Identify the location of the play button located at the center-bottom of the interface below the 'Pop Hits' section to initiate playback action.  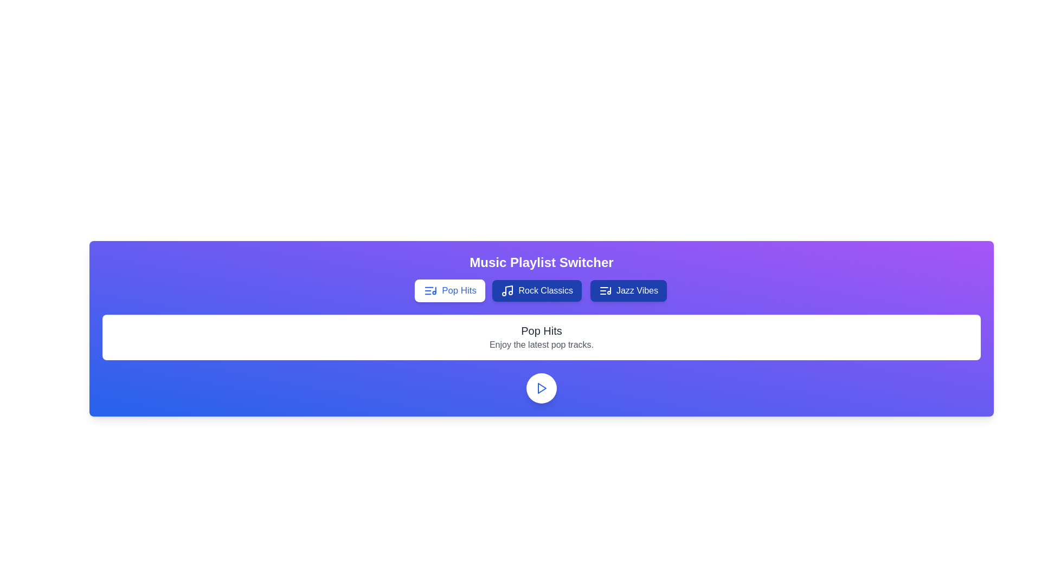
(541, 388).